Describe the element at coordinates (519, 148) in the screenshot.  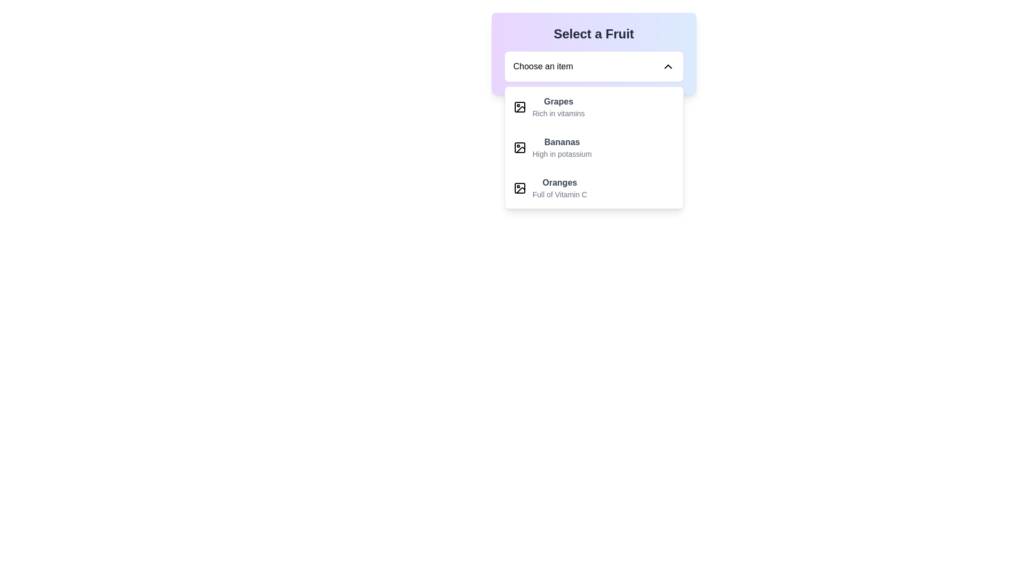
I see `the small square icon with rounded corners located adjacent to the text 'Bananas' in the dropdown menu` at that location.